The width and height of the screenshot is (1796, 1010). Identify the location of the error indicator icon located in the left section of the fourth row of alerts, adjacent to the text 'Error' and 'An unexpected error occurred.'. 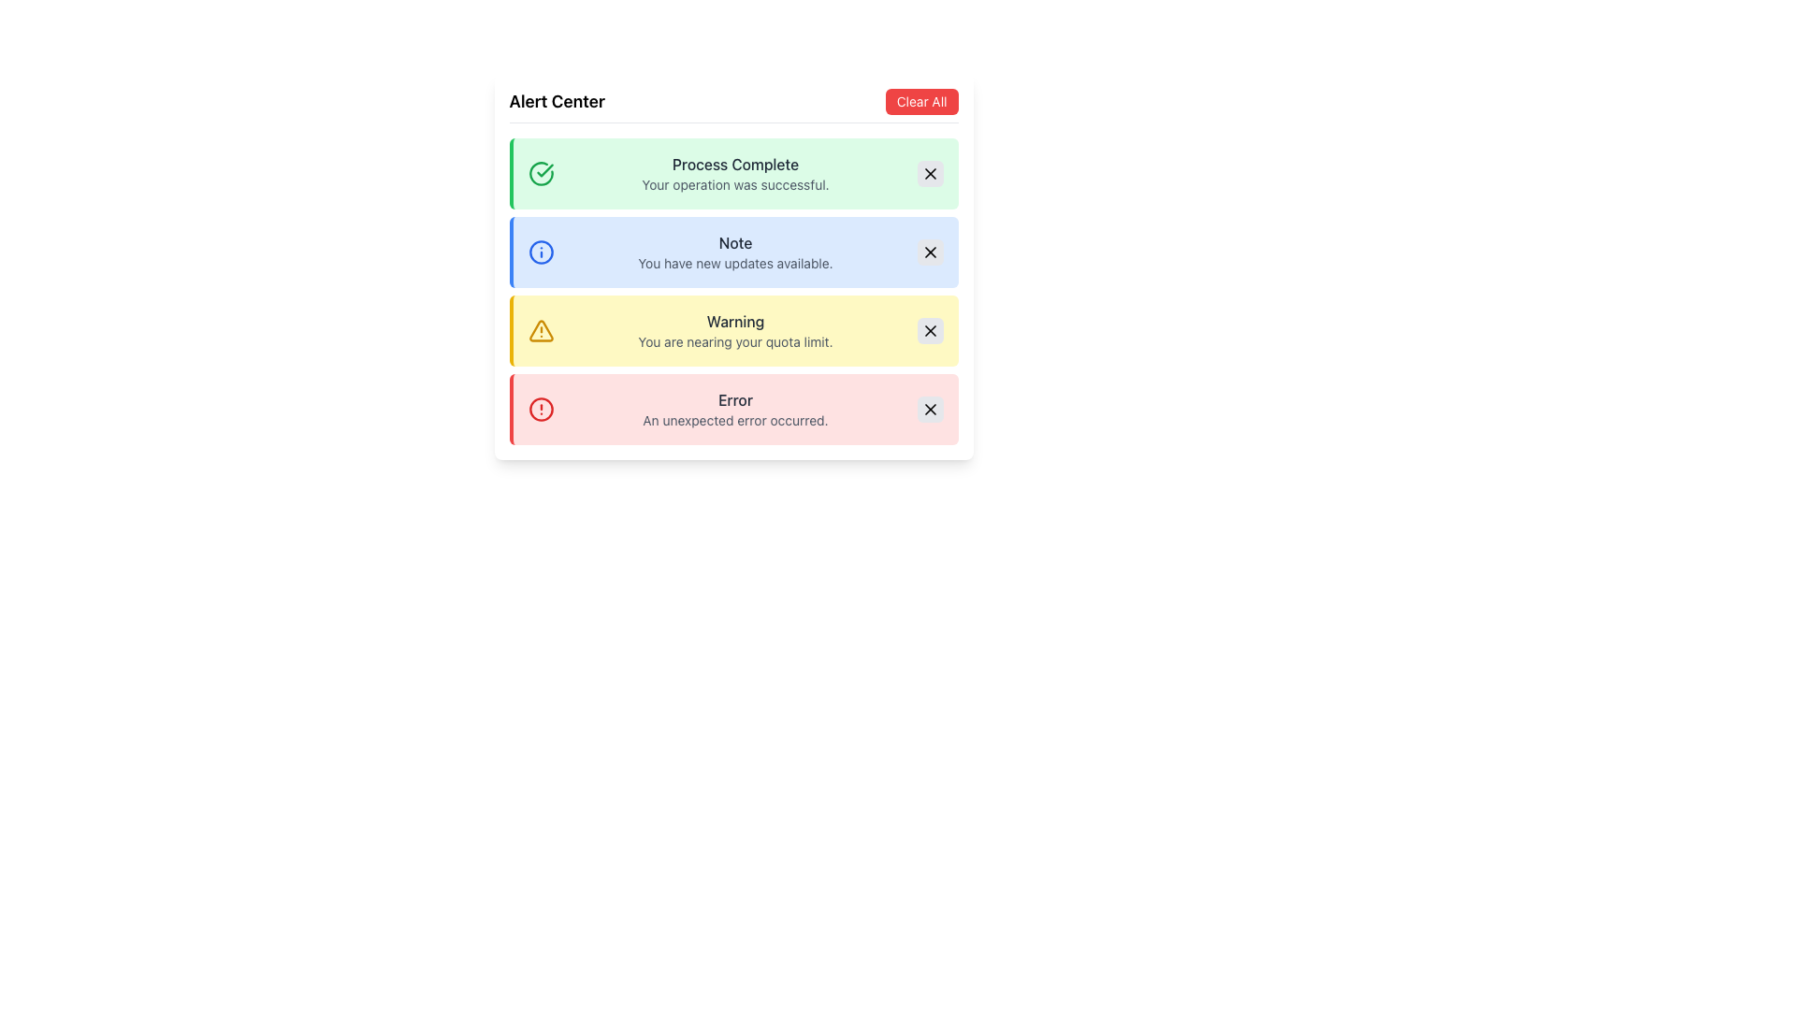
(540, 409).